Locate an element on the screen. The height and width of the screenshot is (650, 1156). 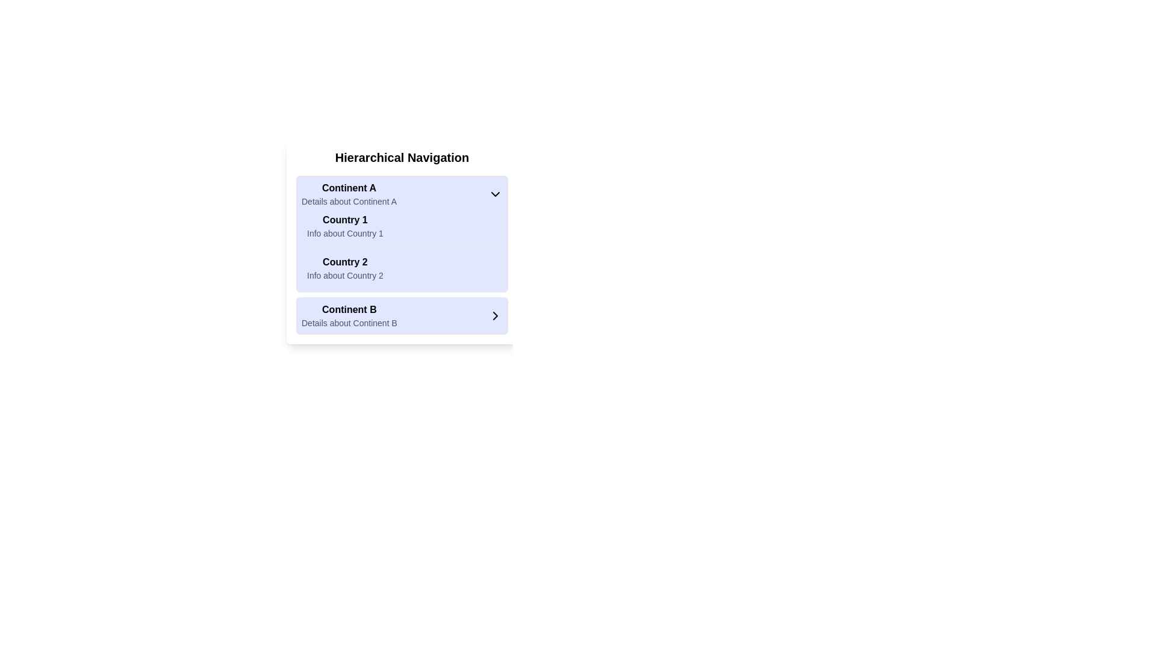
the Text block displaying the hierarchical navigation item with the bold header 'Continent B' and the smaller gray text 'Details about Continent B' is located at coordinates (349, 315).